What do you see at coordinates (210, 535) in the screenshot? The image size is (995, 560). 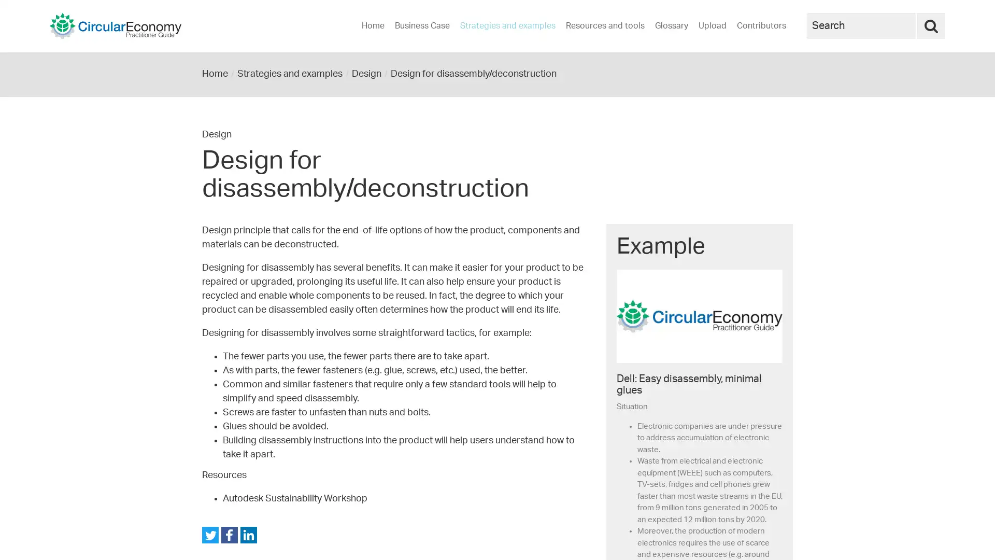 I see `Share to Twitter` at bounding box center [210, 535].